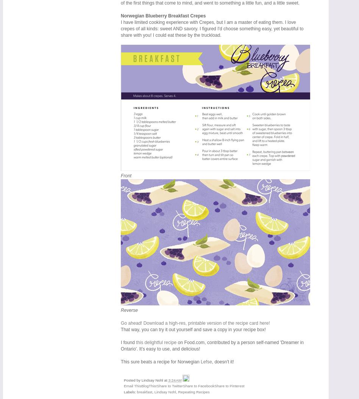  I want to click on 'This sure beats a recipe for Norwegian', so click(160, 361).